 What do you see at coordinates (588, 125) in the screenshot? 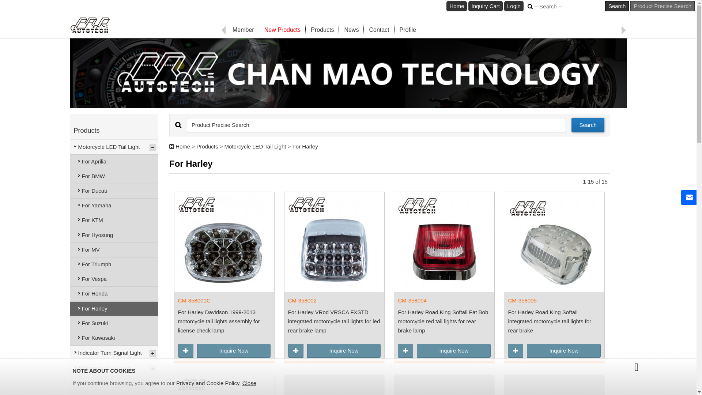
I see `'Search'` at bounding box center [588, 125].